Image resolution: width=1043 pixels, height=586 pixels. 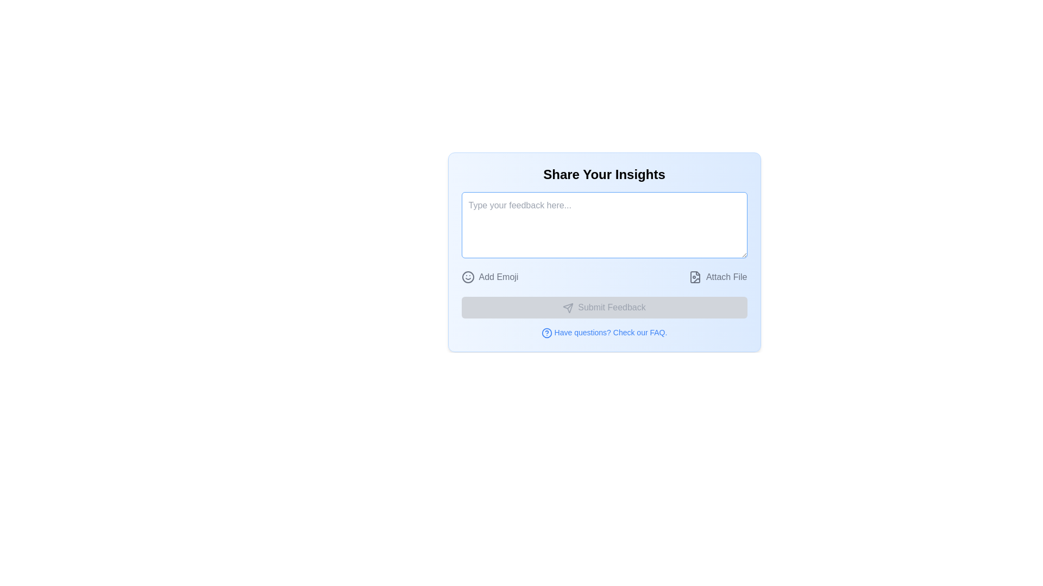 What do you see at coordinates (694, 276) in the screenshot?
I see `the rectangular file or document icon with a subtle border outline` at bounding box center [694, 276].